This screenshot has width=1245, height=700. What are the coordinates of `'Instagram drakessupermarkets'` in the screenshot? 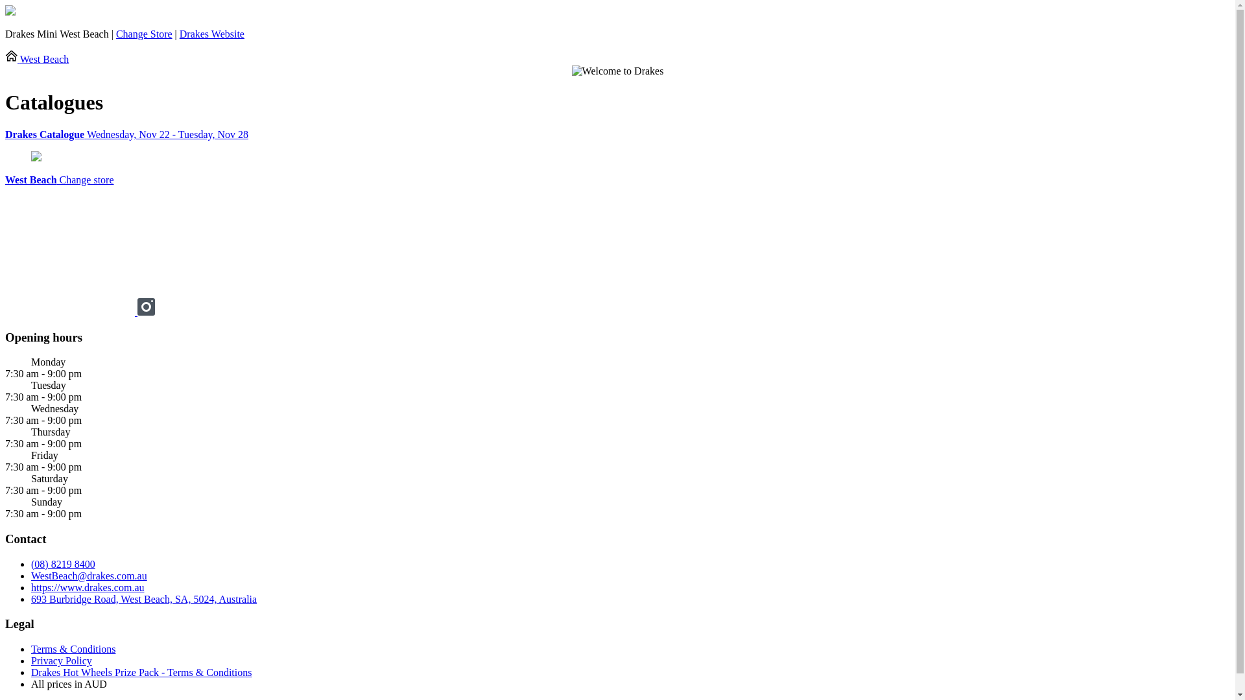 It's located at (146, 312).